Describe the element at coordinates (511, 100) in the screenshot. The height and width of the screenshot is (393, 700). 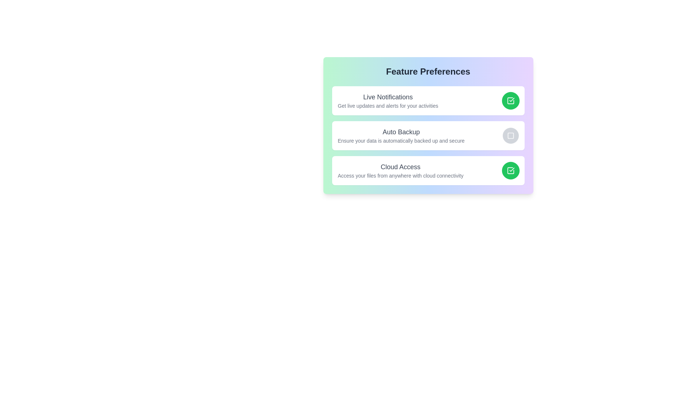
I see `the small green checkmark icon with a white background, which is the third icon in a vertical list aligned to the right of the 'Cloud Access' label` at that location.